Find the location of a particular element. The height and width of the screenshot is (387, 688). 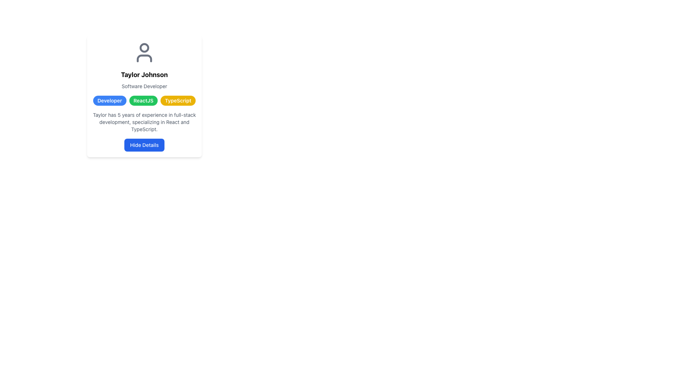

the user profile icon located at the top-center of the card above the 'Taylor Johnson' heading is located at coordinates (144, 52).